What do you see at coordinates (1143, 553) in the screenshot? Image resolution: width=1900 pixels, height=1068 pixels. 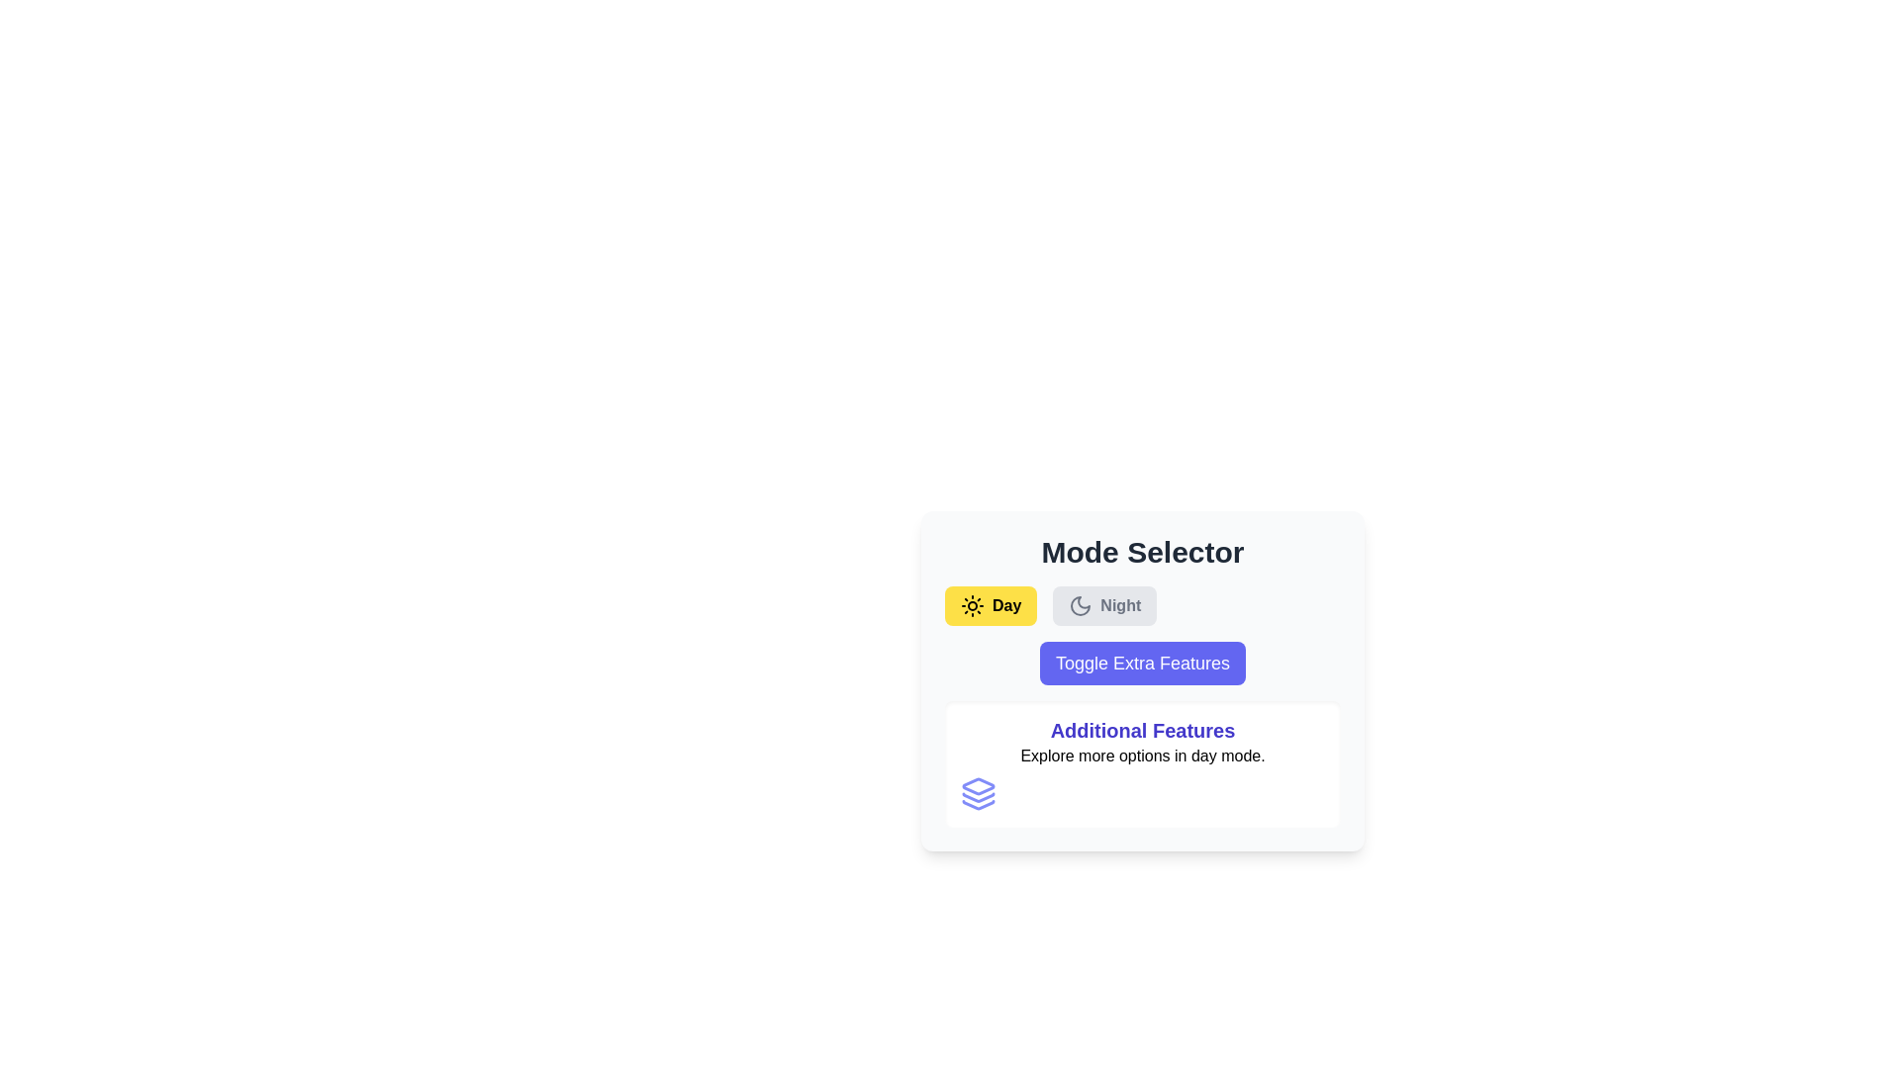 I see `the 'Mode Selector' text label, which is styled in a large bold font with a dark gray color and is located at the top of the component within a light gray box` at bounding box center [1143, 553].